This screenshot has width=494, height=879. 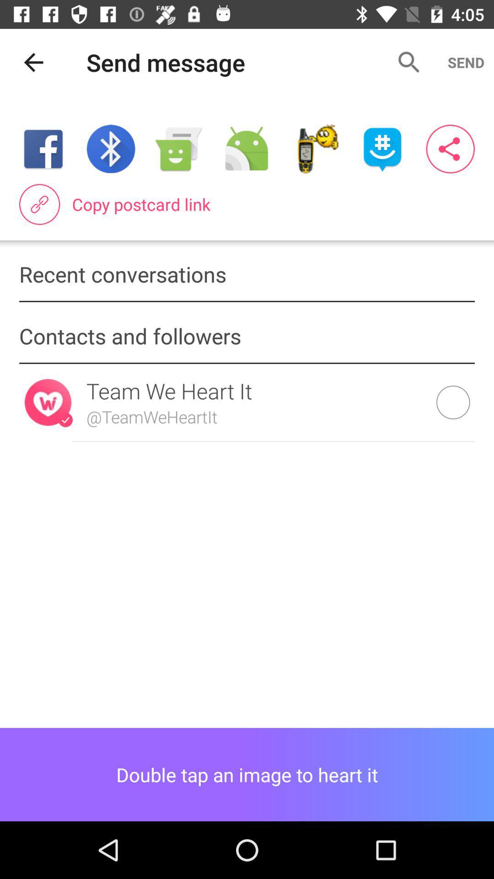 What do you see at coordinates (246, 149) in the screenshot?
I see `switch sending app` at bounding box center [246, 149].